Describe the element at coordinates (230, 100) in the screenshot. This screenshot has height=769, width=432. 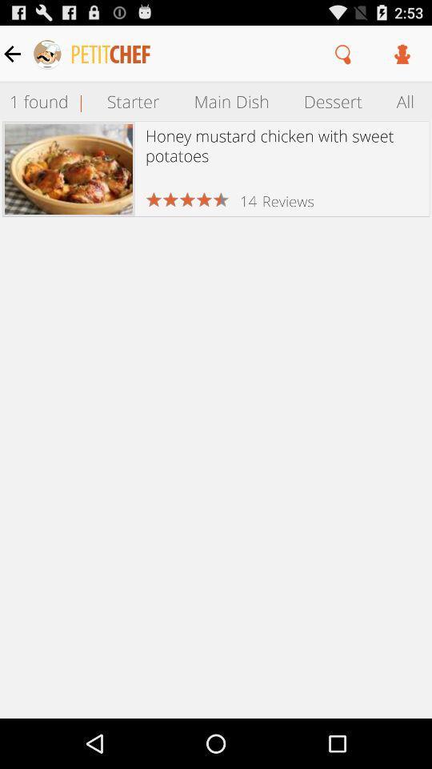
I see `item above honey mustard chicken item` at that location.